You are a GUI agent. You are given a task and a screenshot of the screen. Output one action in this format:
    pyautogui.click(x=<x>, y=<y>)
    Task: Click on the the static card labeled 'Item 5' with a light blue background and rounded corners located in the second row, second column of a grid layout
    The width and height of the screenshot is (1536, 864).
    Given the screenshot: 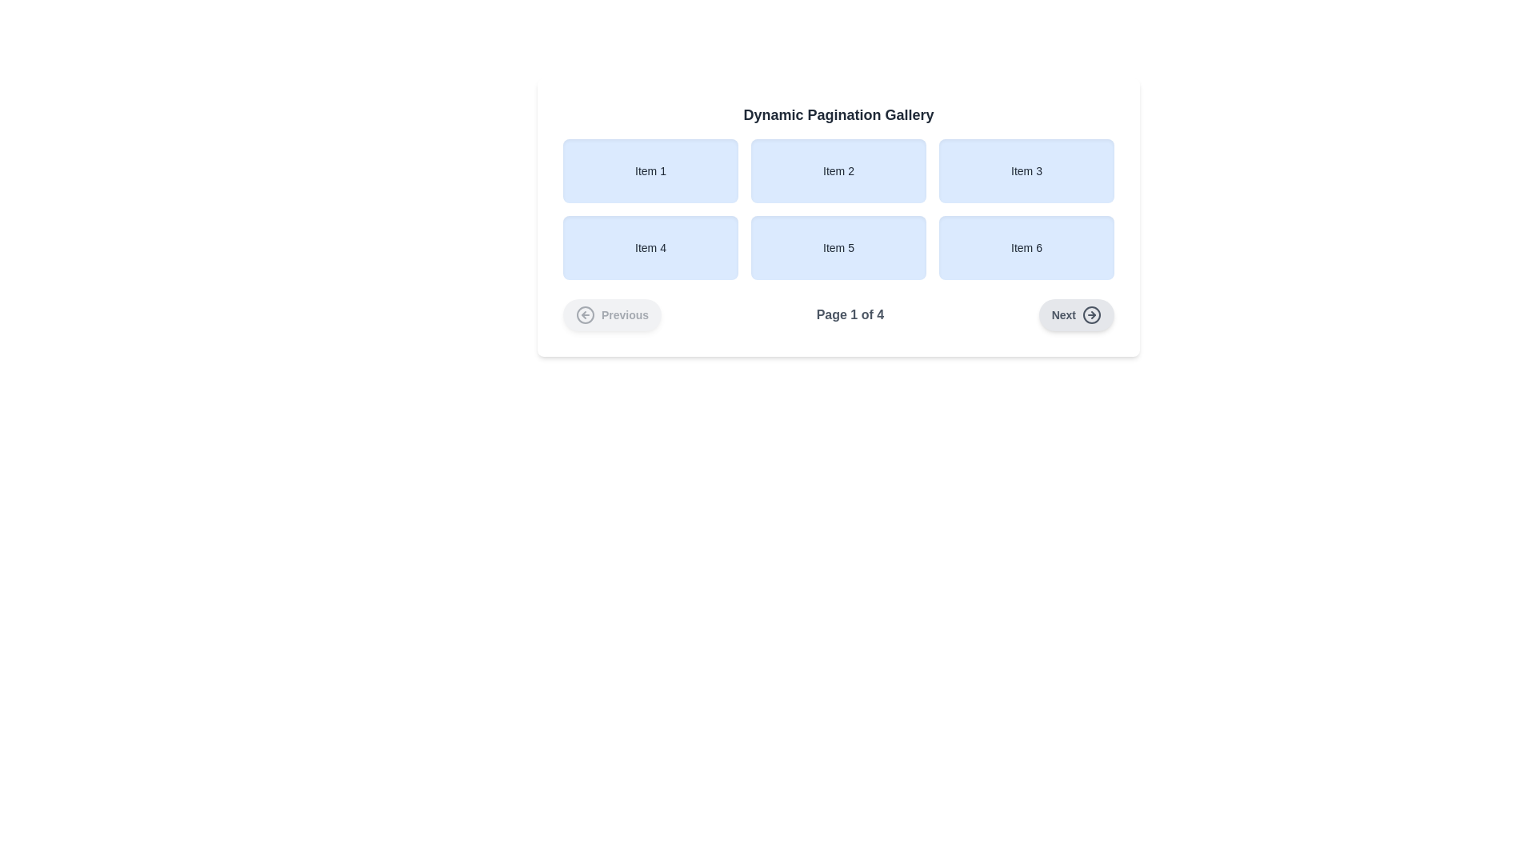 What is the action you would take?
    pyautogui.click(x=838, y=247)
    